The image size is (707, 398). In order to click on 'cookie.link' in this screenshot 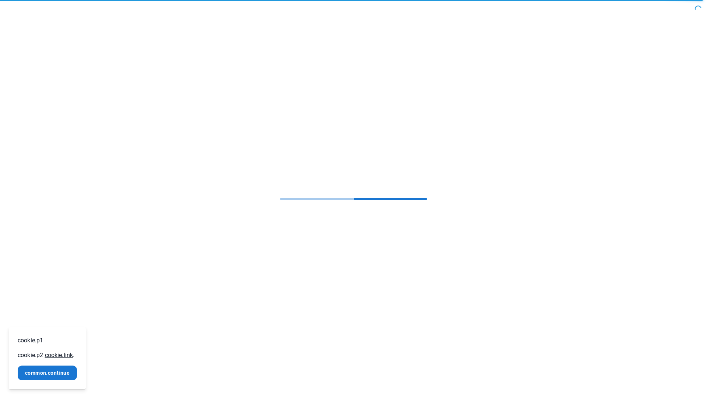, I will do `click(59, 355)`.